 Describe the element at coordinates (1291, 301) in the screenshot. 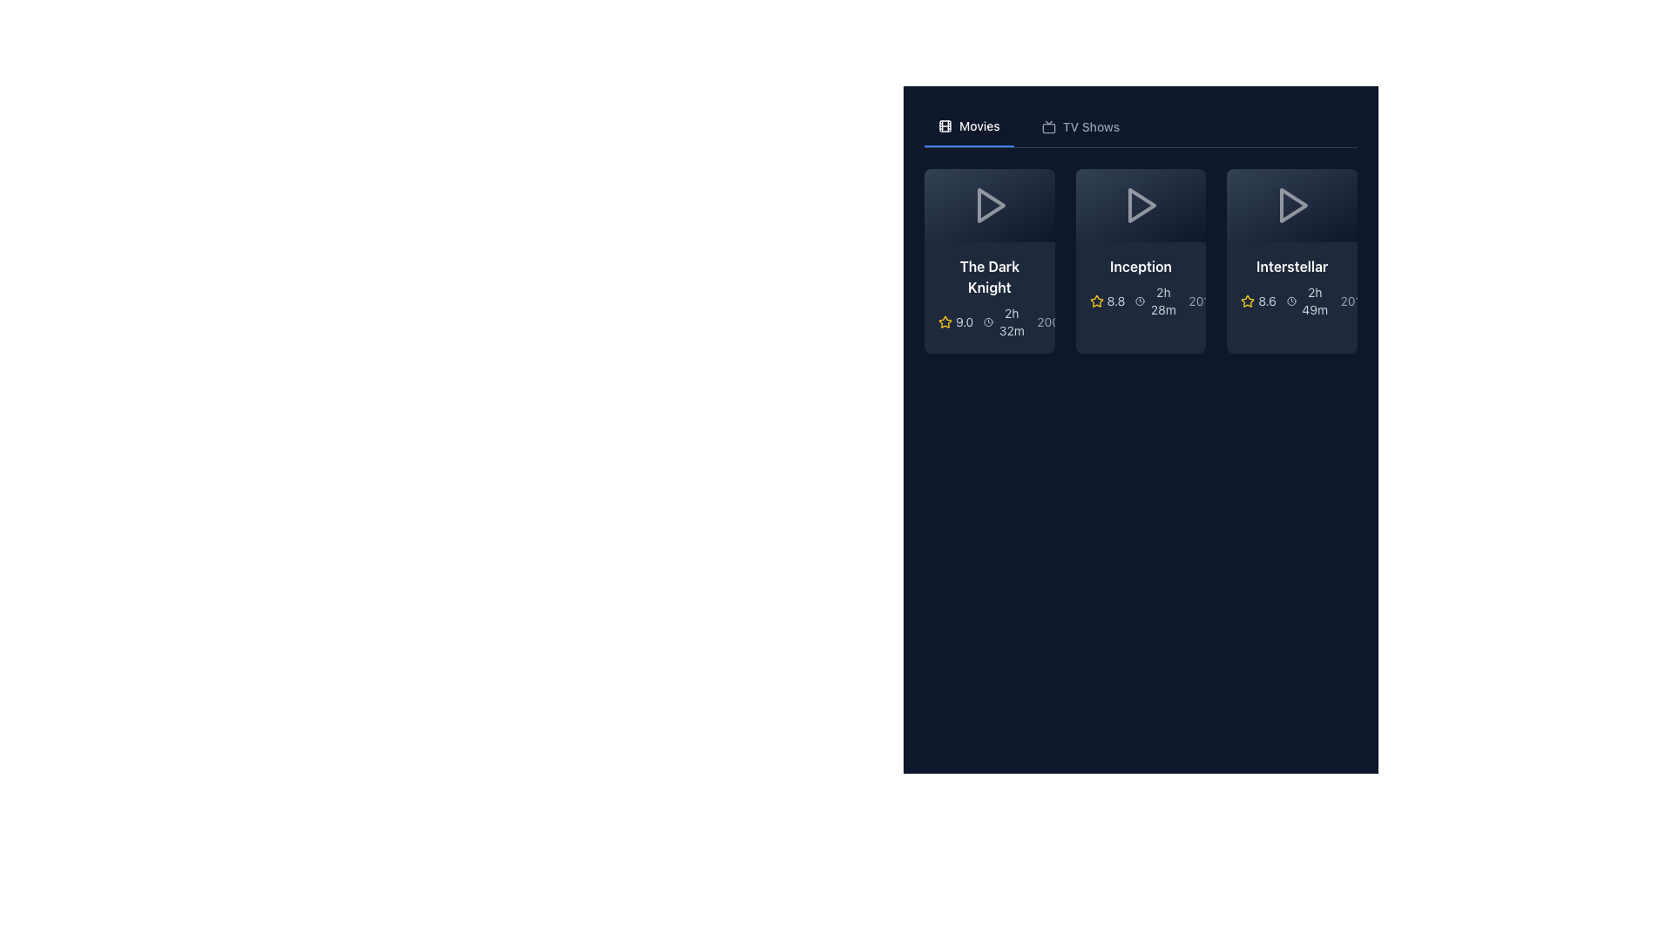

I see `the circular graphic element of the SVG clock icon associated with the 'Interstellar' movie card located in the top-right region of the visible cards` at that location.